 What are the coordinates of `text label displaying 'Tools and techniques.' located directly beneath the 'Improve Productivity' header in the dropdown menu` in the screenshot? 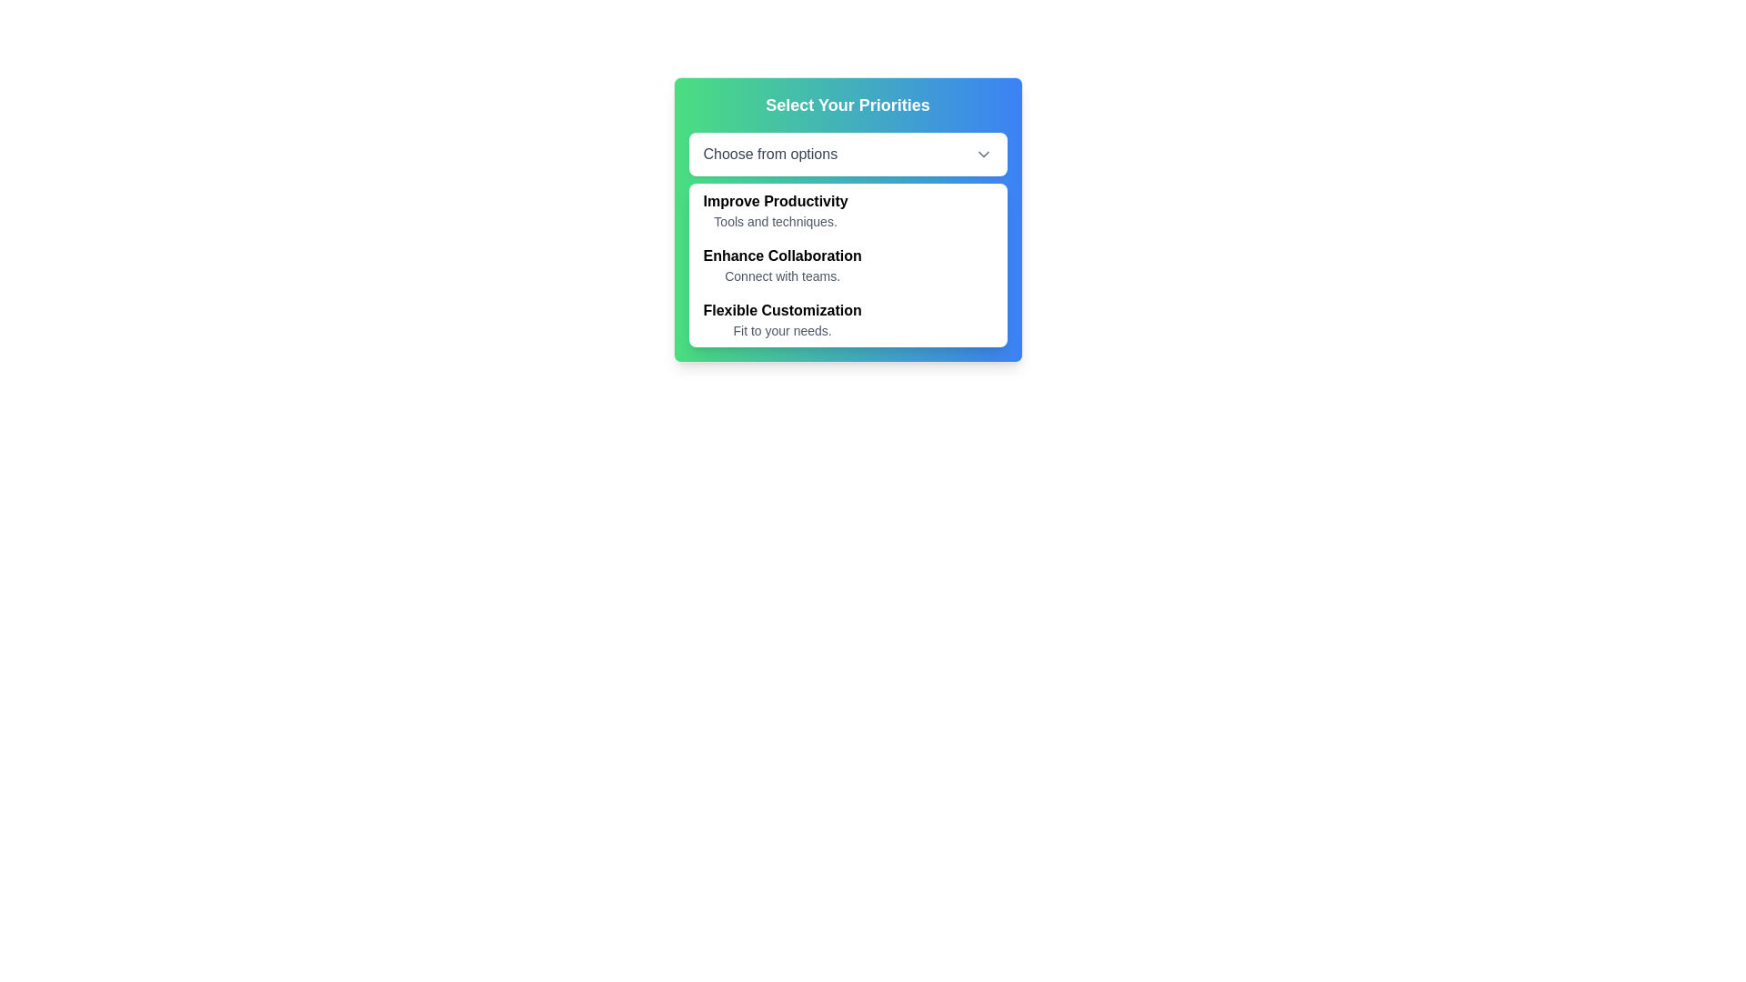 It's located at (776, 220).